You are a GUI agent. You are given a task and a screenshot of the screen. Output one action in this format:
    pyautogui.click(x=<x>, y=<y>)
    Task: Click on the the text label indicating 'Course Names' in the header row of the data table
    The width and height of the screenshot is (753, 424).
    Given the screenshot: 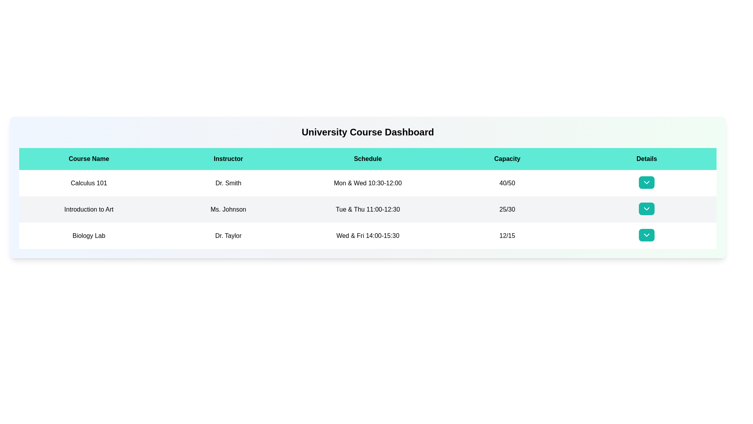 What is the action you would take?
    pyautogui.click(x=89, y=159)
    